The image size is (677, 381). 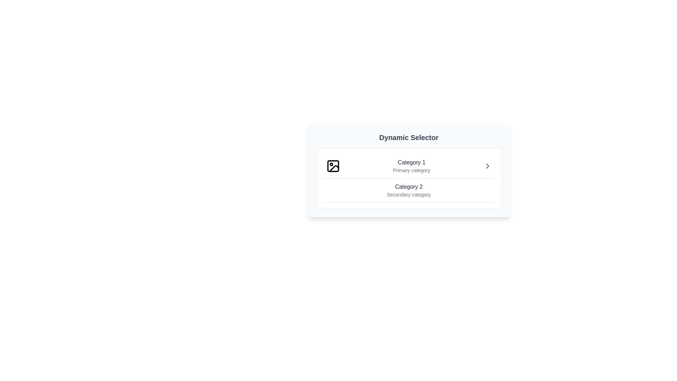 I want to click on the decorative icon associated with the 'Category 1' label in the list-like structure, so click(x=333, y=168).